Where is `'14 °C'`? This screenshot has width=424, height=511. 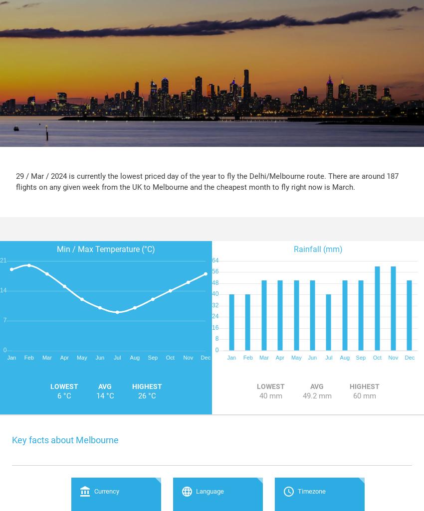
'14 °C' is located at coordinates (104, 395).